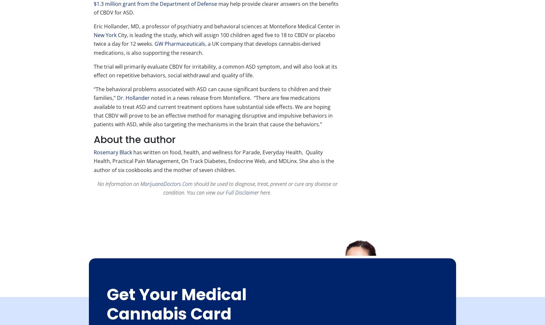  What do you see at coordinates (265, 192) in the screenshot?
I see `'here.'` at bounding box center [265, 192].